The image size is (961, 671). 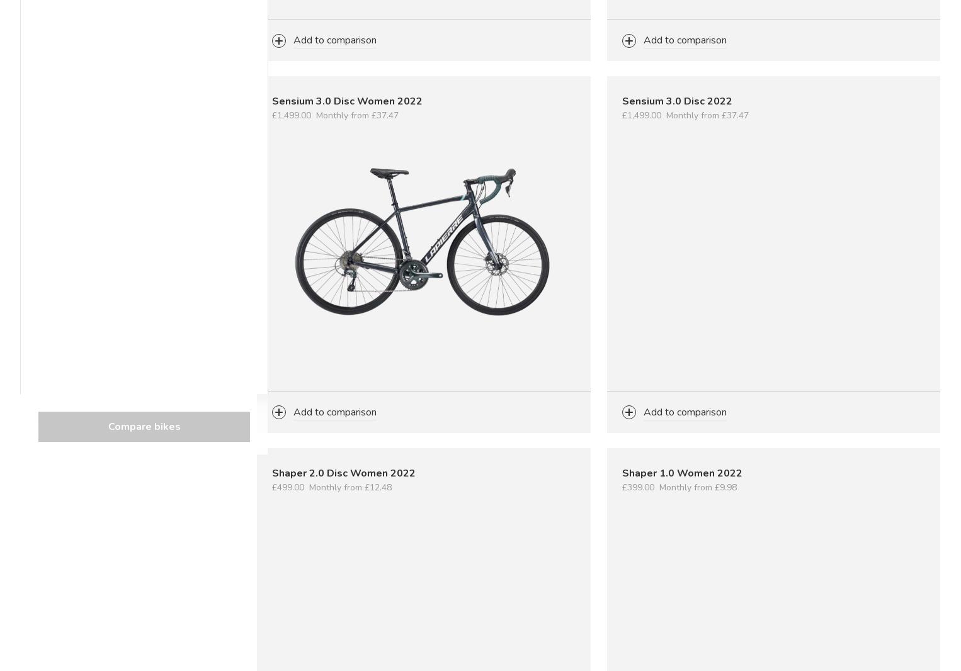 What do you see at coordinates (272, 471) in the screenshot?
I see `'Shaper 2.0 Disc Women 2022'` at bounding box center [272, 471].